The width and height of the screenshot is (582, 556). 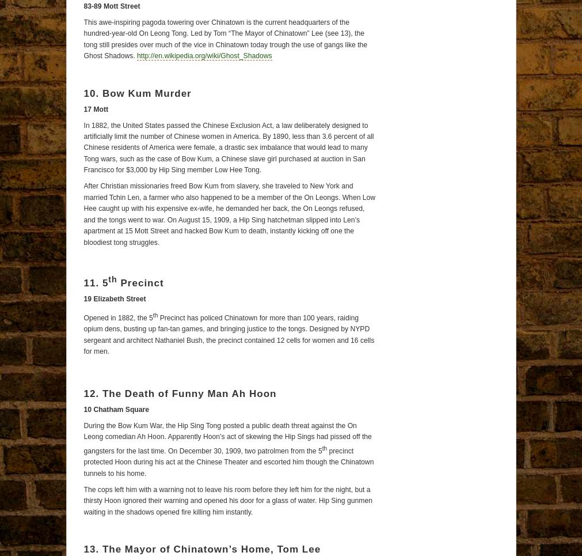 I want to click on 'This awe-inspiring pagoda towering over Chinatown is the current headquarters of the hundred-year-old On Leong Tong. Led by Tom “The Mayor of Chinatown” Lee (see 13), the tong still presides over much of the vice in Chinatown today trough the use of gangs like the Ghost Shadows.', so click(x=82, y=39).